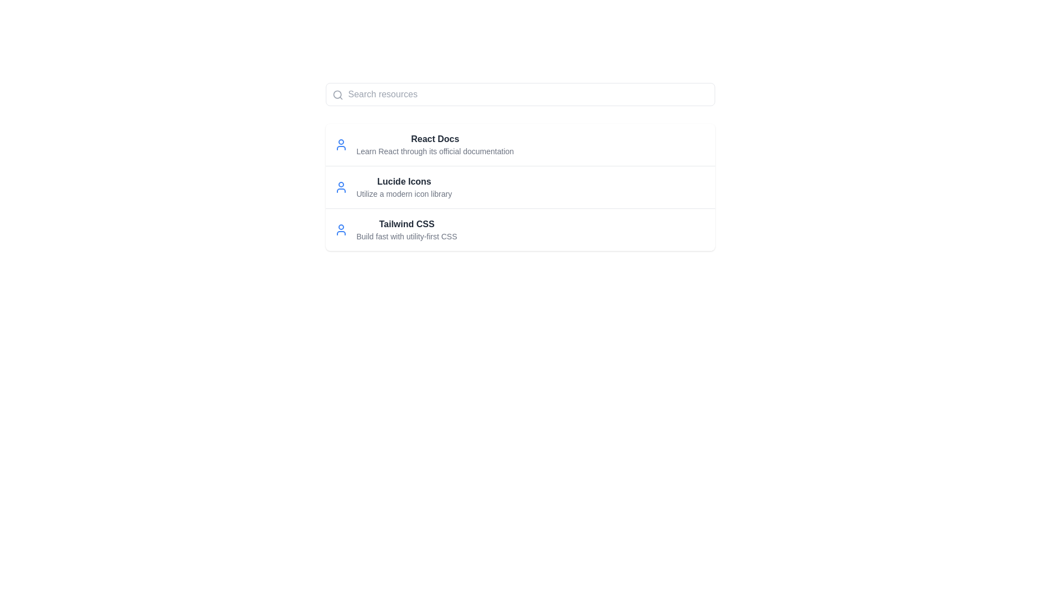 The width and height of the screenshot is (1062, 597). Describe the element at coordinates (337, 95) in the screenshot. I see `the magnifying glass icon located at the top-left corner of the input field to initiate a search action` at that location.